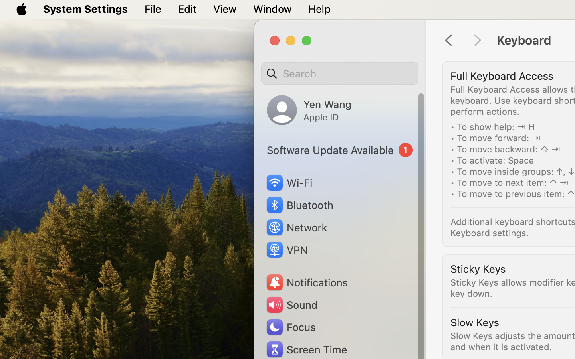  I want to click on 'Focus', so click(290, 327).